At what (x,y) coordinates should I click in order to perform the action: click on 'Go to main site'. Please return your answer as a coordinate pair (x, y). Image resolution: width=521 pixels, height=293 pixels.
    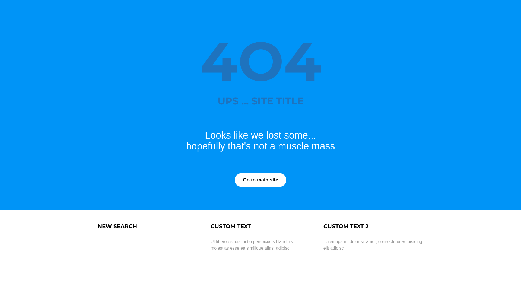
    Looking at the image, I should click on (260, 180).